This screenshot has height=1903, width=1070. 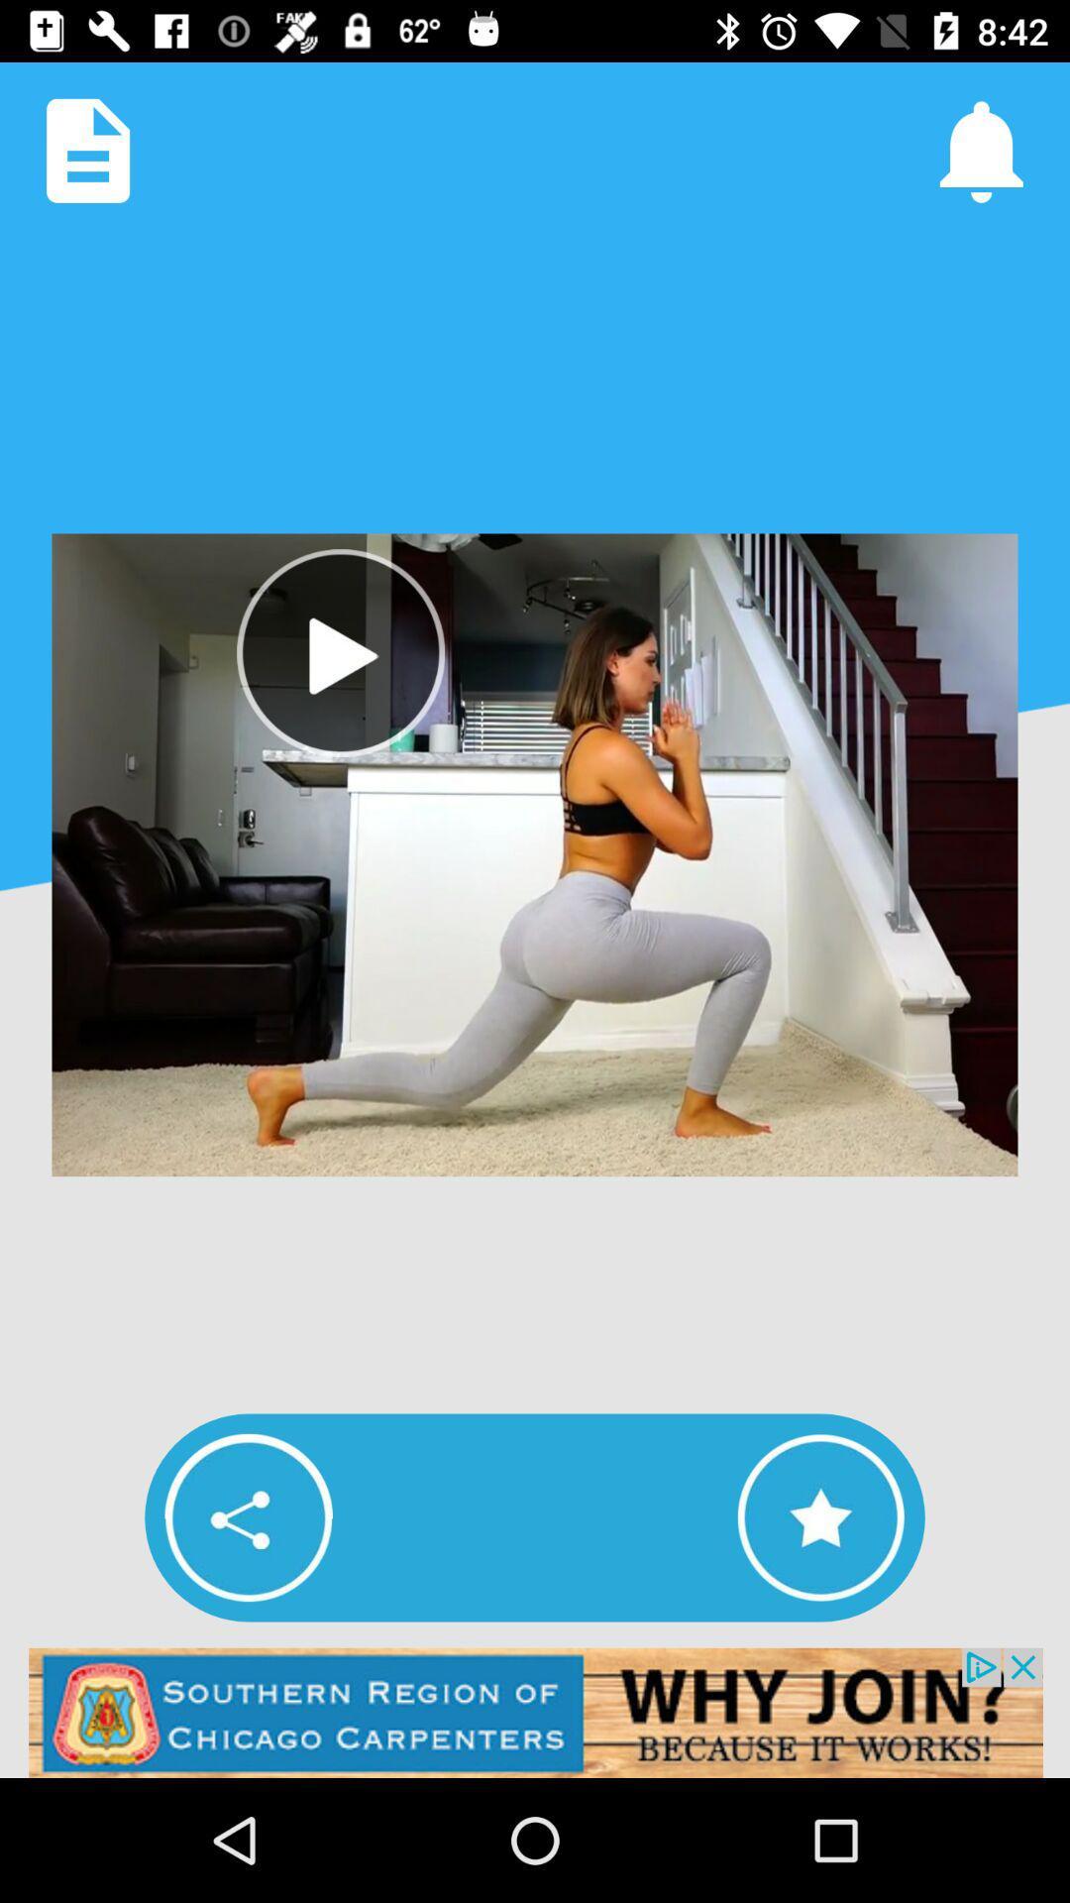 What do you see at coordinates (535, 1712) in the screenshot?
I see `click for advertisement info` at bounding box center [535, 1712].